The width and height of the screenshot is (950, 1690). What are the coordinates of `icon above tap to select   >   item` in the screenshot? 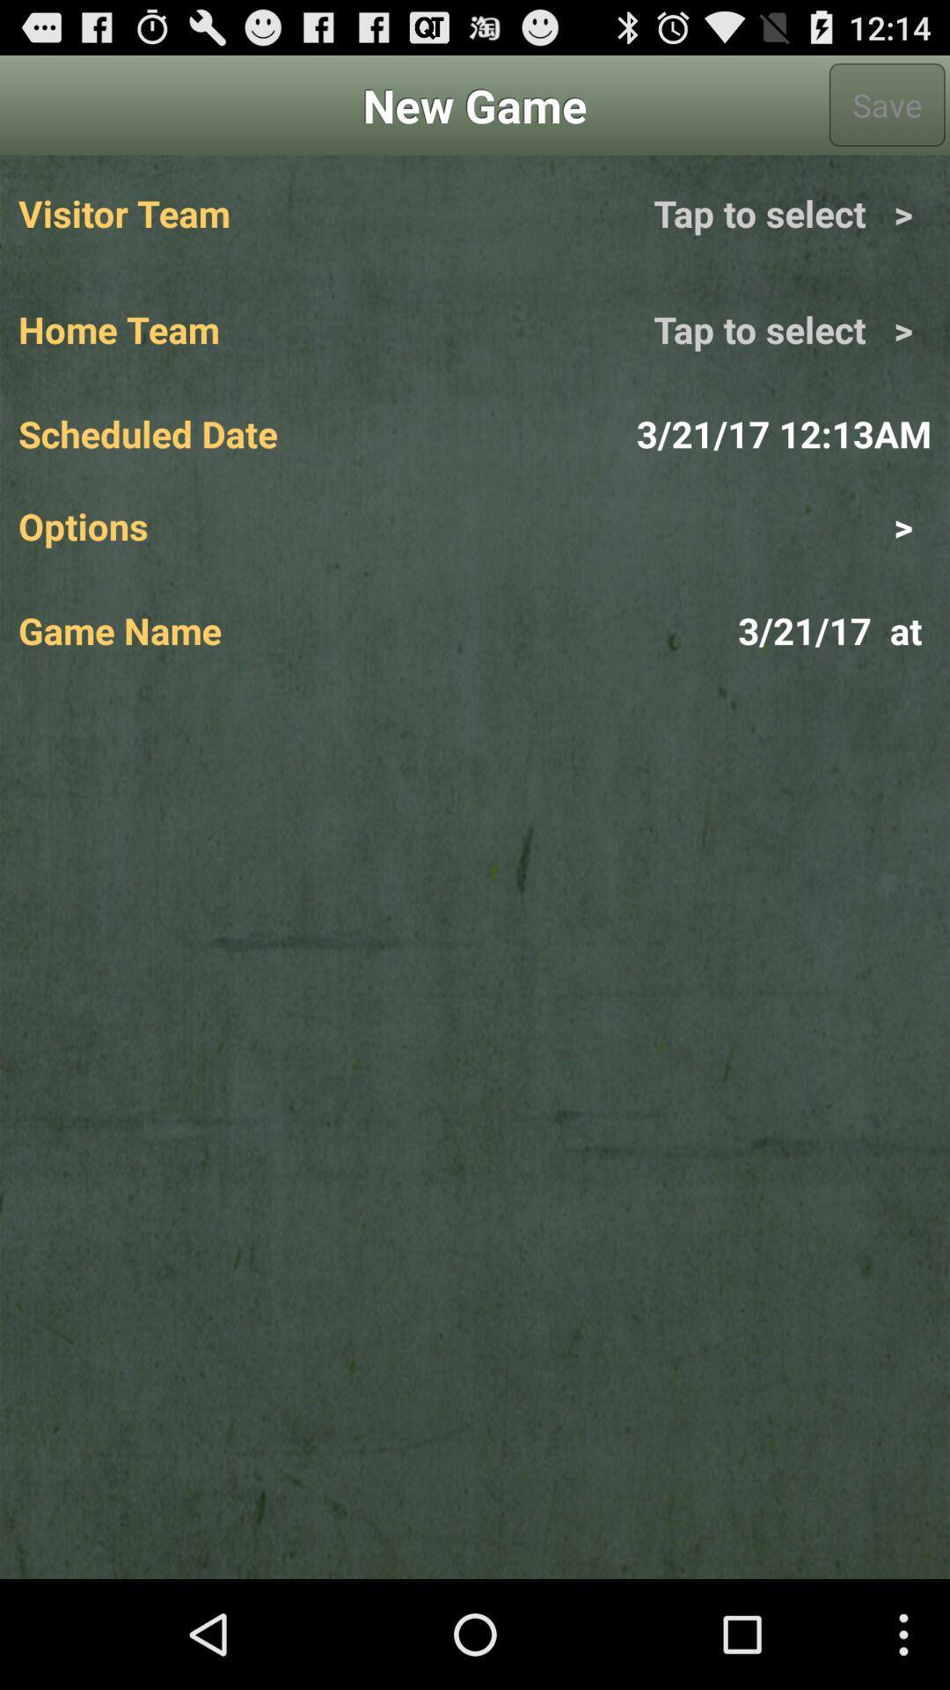 It's located at (887, 104).